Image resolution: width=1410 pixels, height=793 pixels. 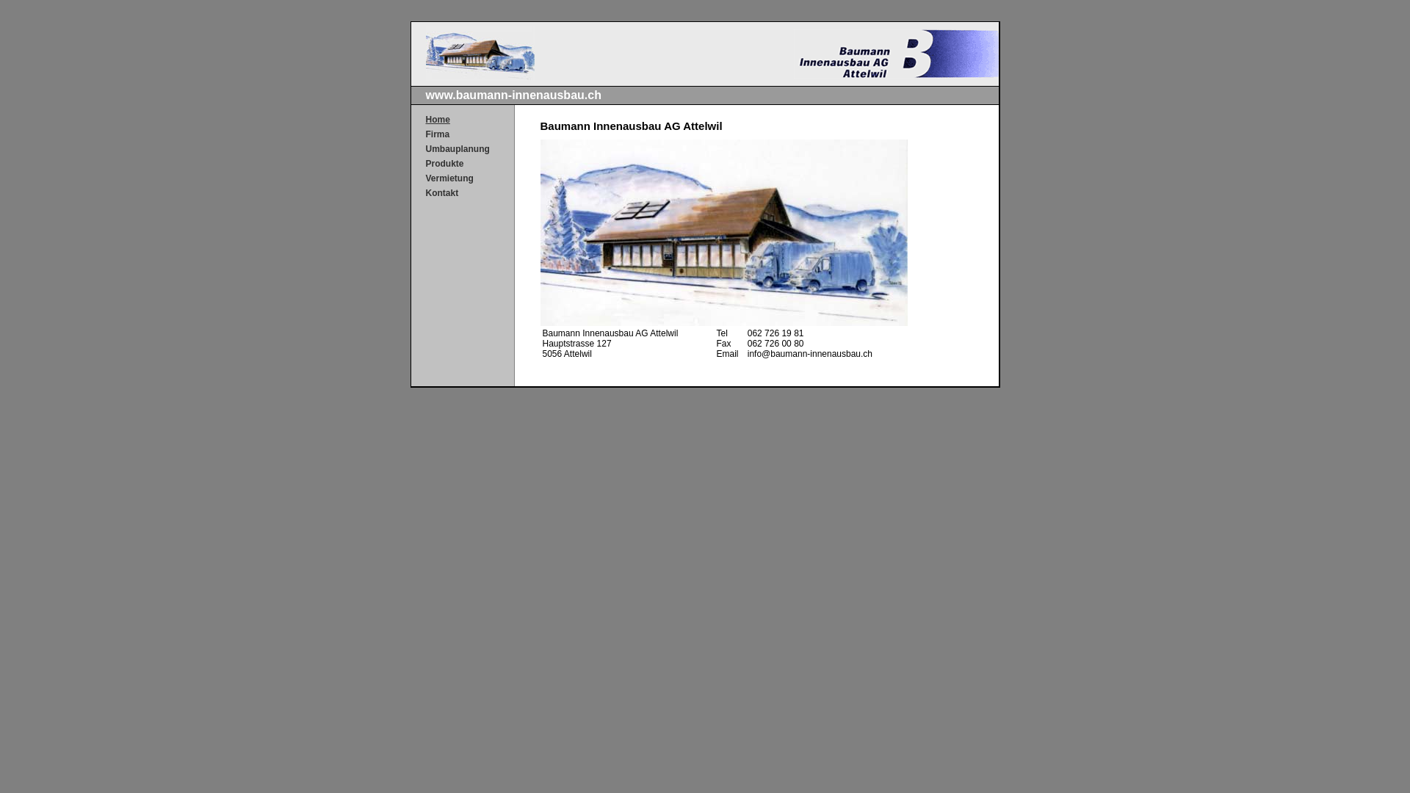 What do you see at coordinates (438, 192) in the screenshot?
I see `'Kontakt'` at bounding box center [438, 192].